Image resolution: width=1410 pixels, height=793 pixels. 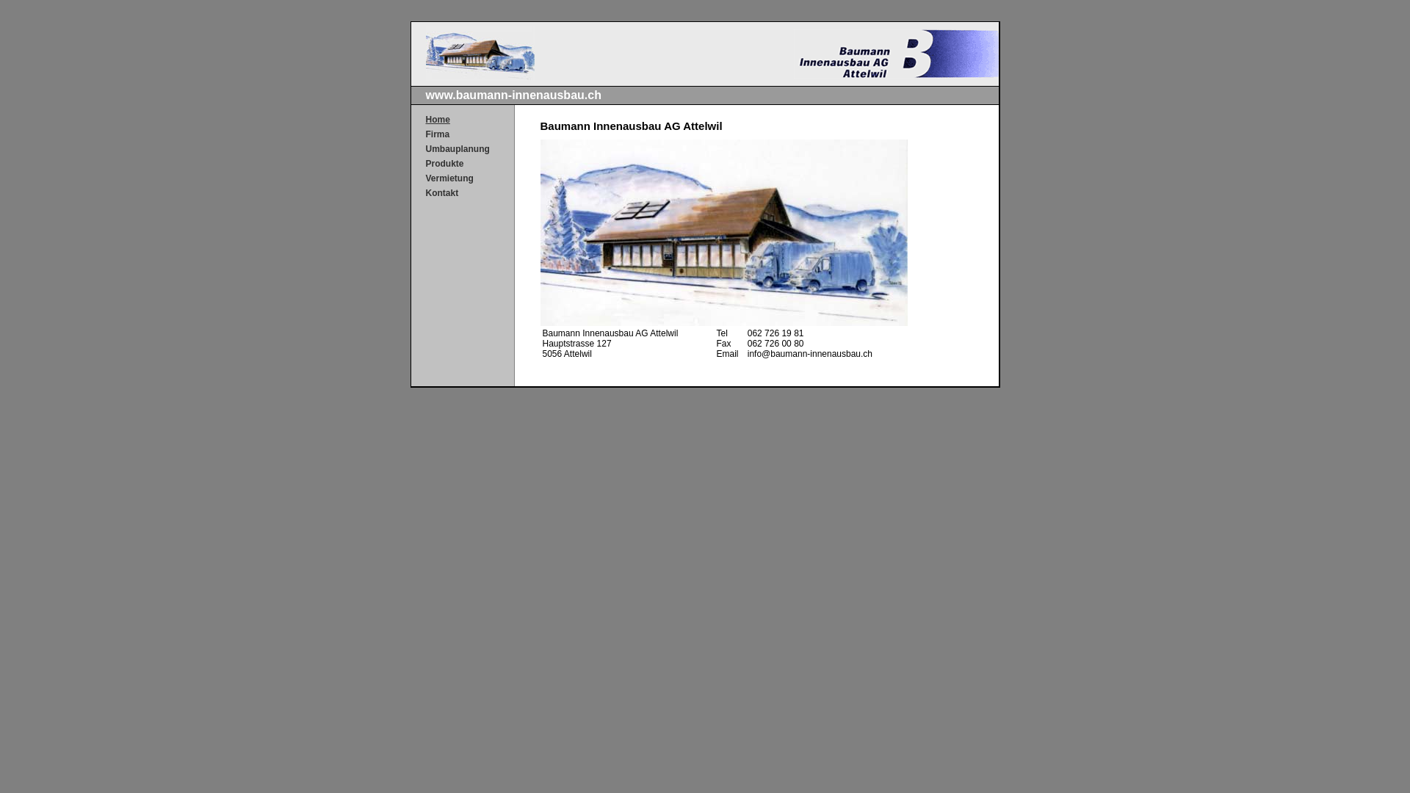 What do you see at coordinates (438, 192) in the screenshot?
I see `'Kontakt'` at bounding box center [438, 192].